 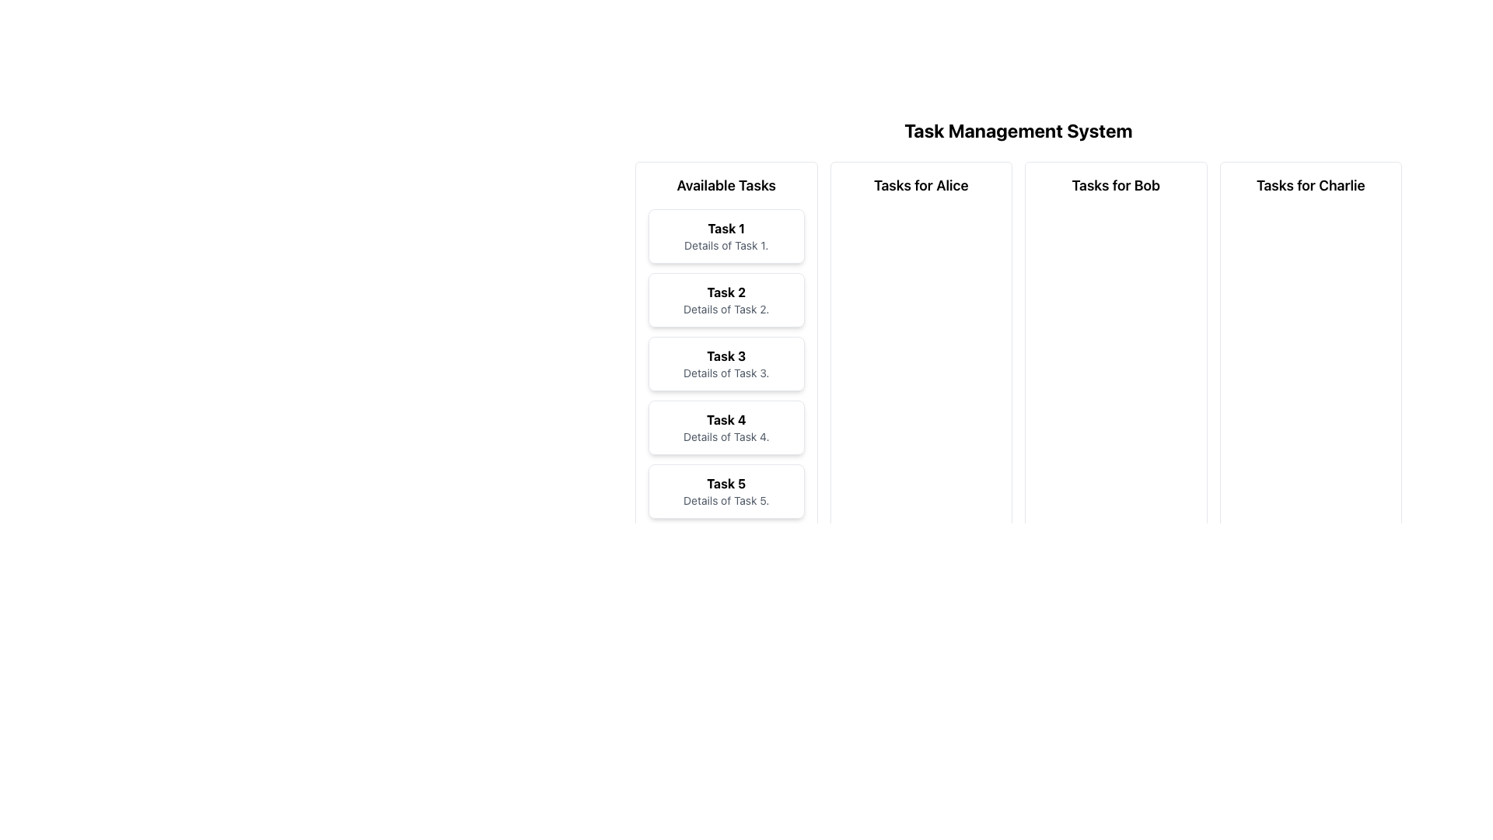 What do you see at coordinates (726, 420) in the screenshot?
I see `title text element 'Task 4', which is a bold and distinct text located at the top of the fourth card within the column titled 'Available Tasks'` at bounding box center [726, 420].